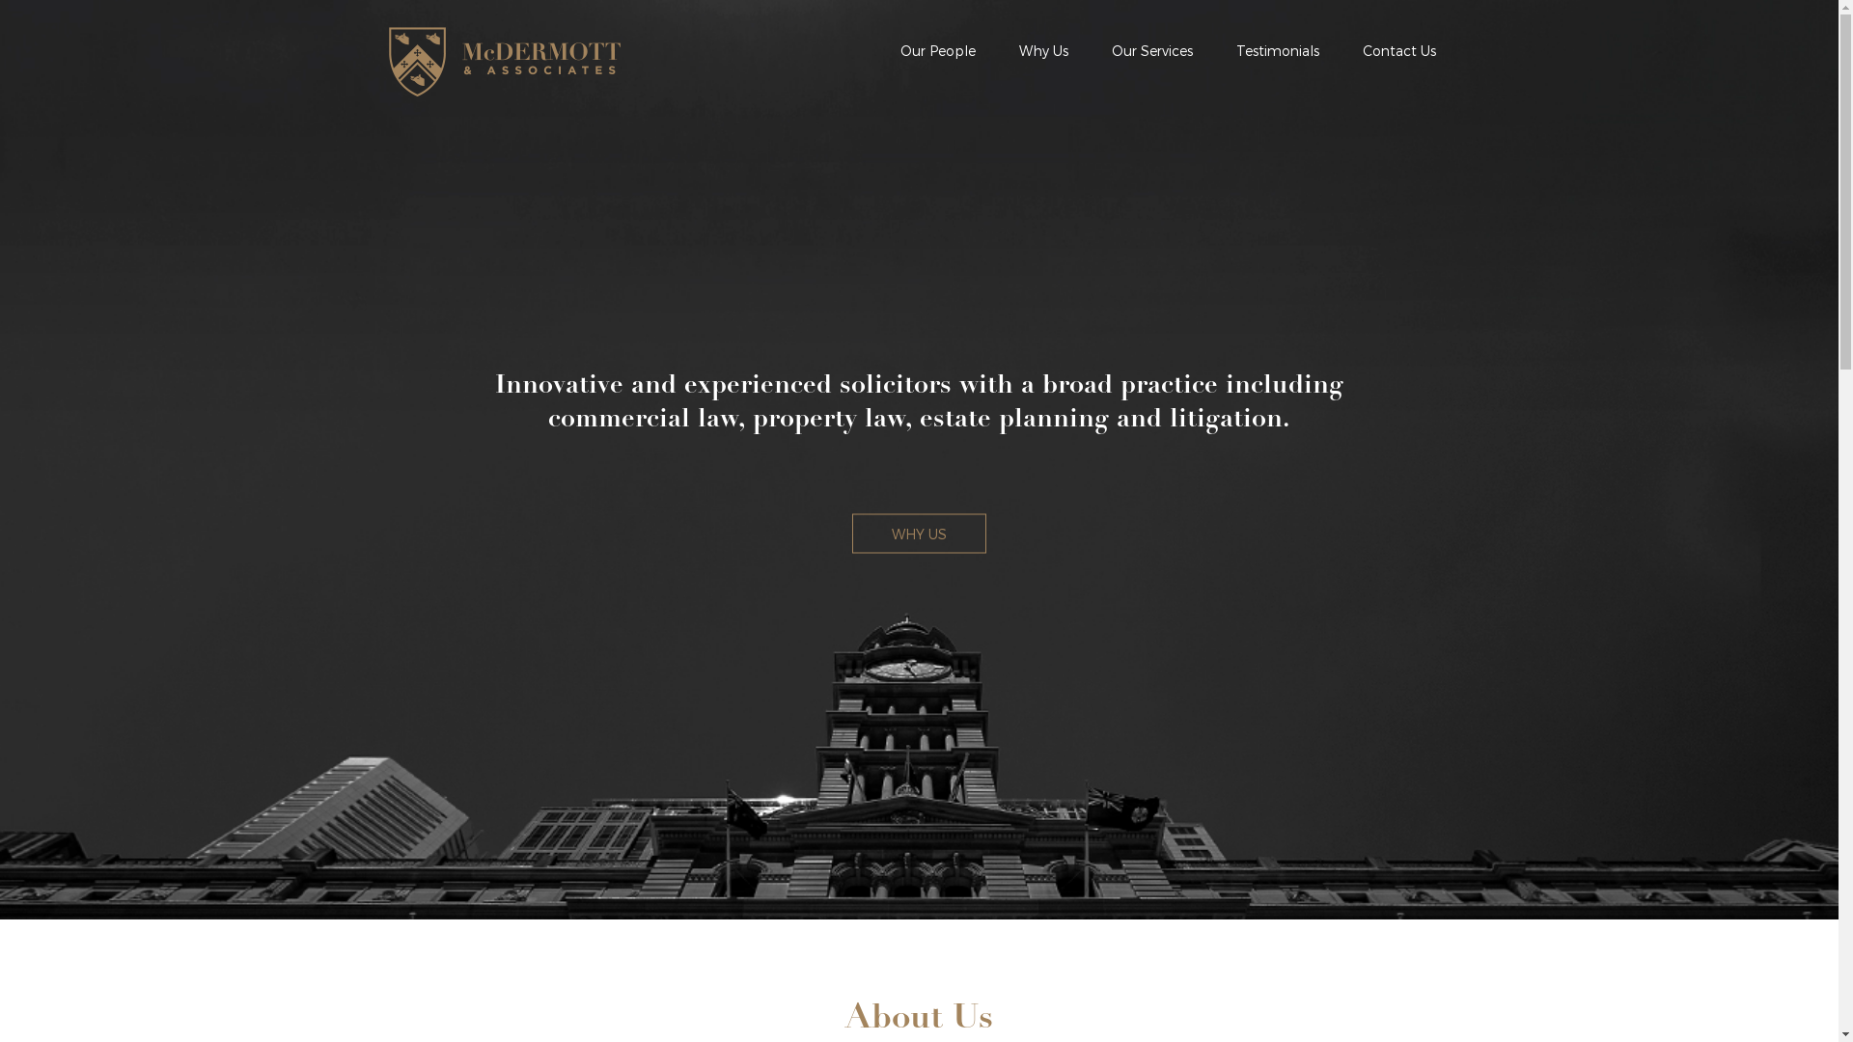 The width and height of the screenshot is (1853, 1042). Describe the element at coordinates (918, 534) in the screenshot. I see `'WHY US'` at that location.